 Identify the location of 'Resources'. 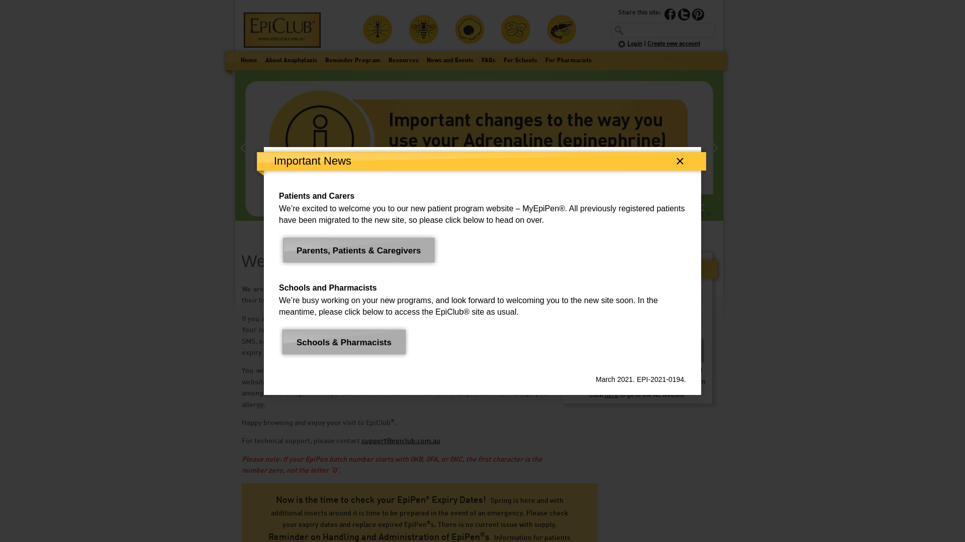
(403, 60).